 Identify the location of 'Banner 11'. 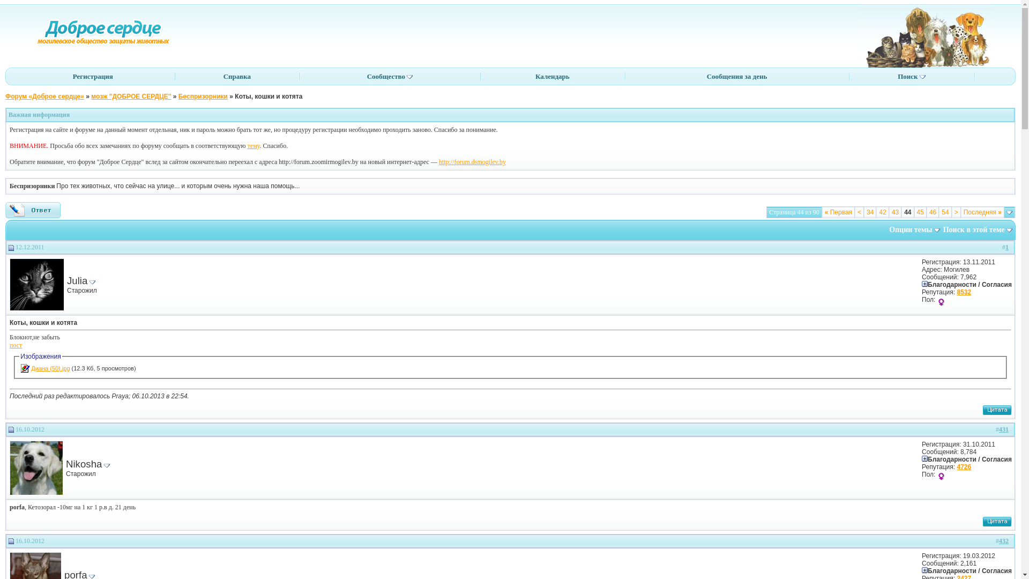
(925, 35).